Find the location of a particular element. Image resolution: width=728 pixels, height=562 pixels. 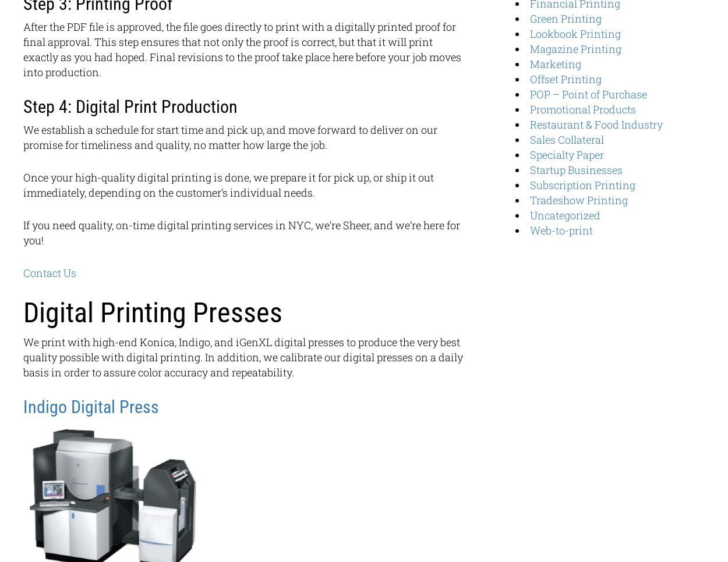

'Indigo Digital Press' is located at coordinates (91, 406).